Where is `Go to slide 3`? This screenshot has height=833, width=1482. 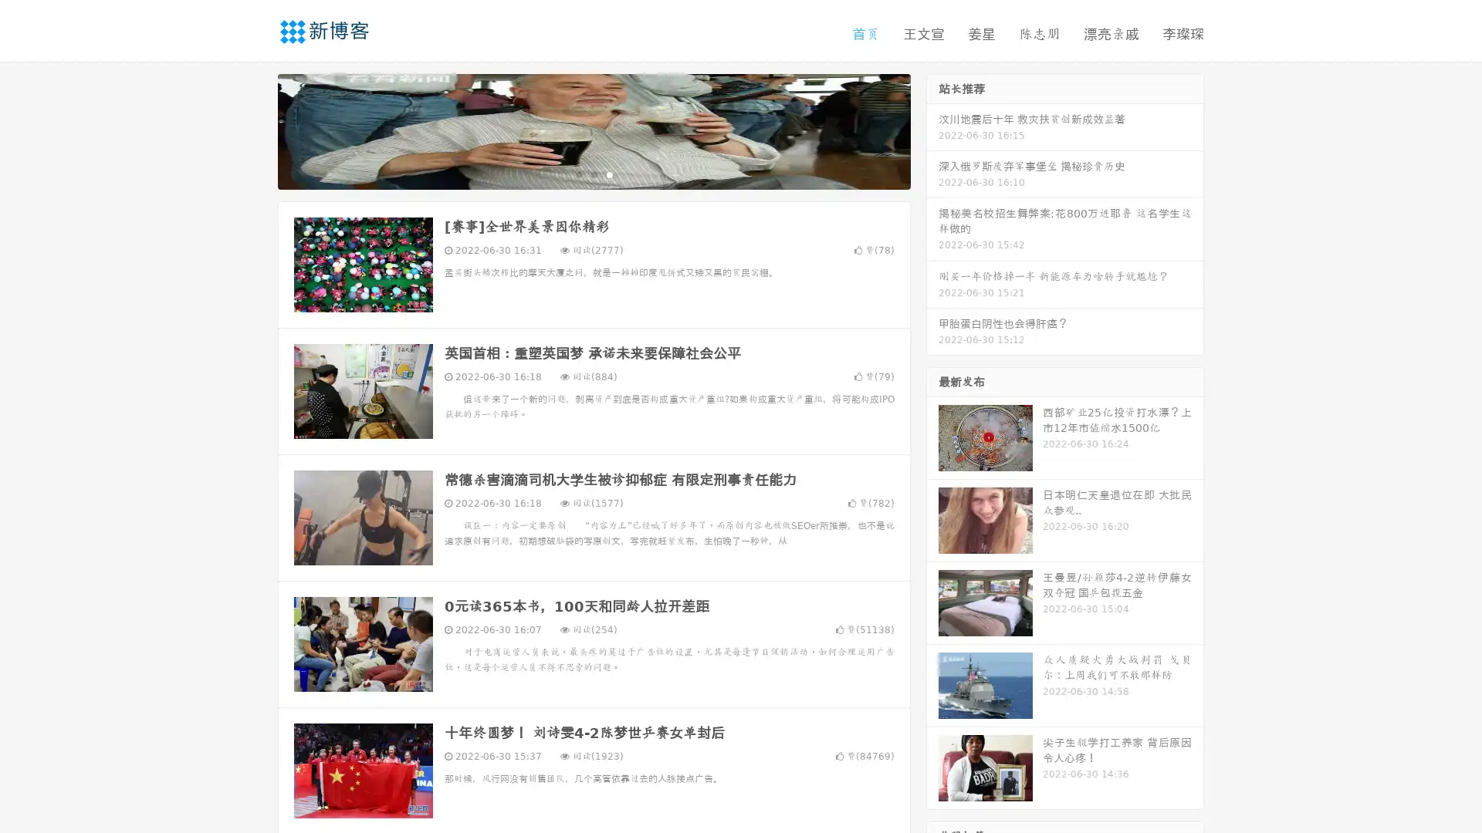
Go to slide 3 is located at coordinates (609, 174).